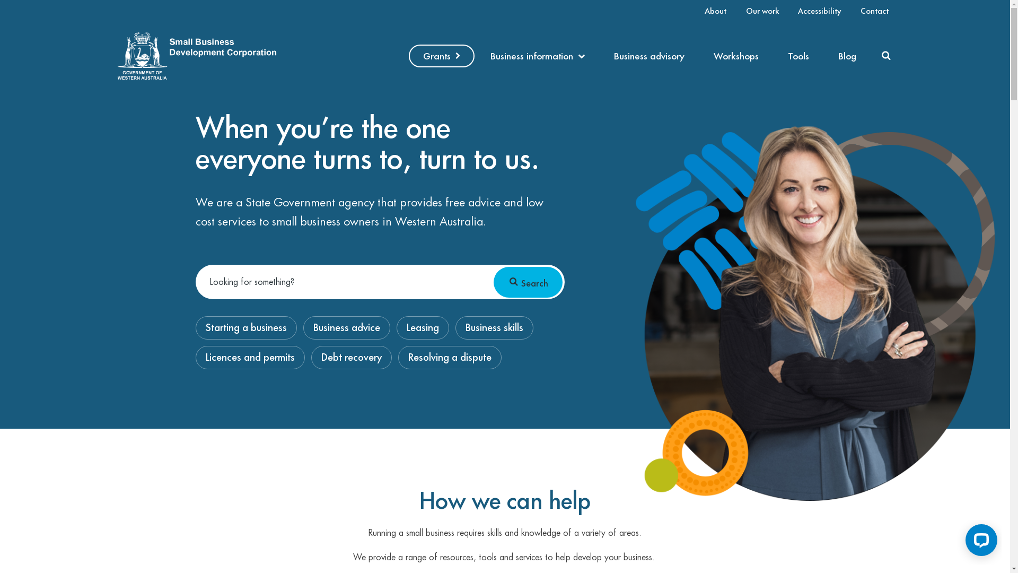  What do you see at coordinates (442, 56) in the screenshot?
I see `'Grants'` at bounding box center [442, 56].